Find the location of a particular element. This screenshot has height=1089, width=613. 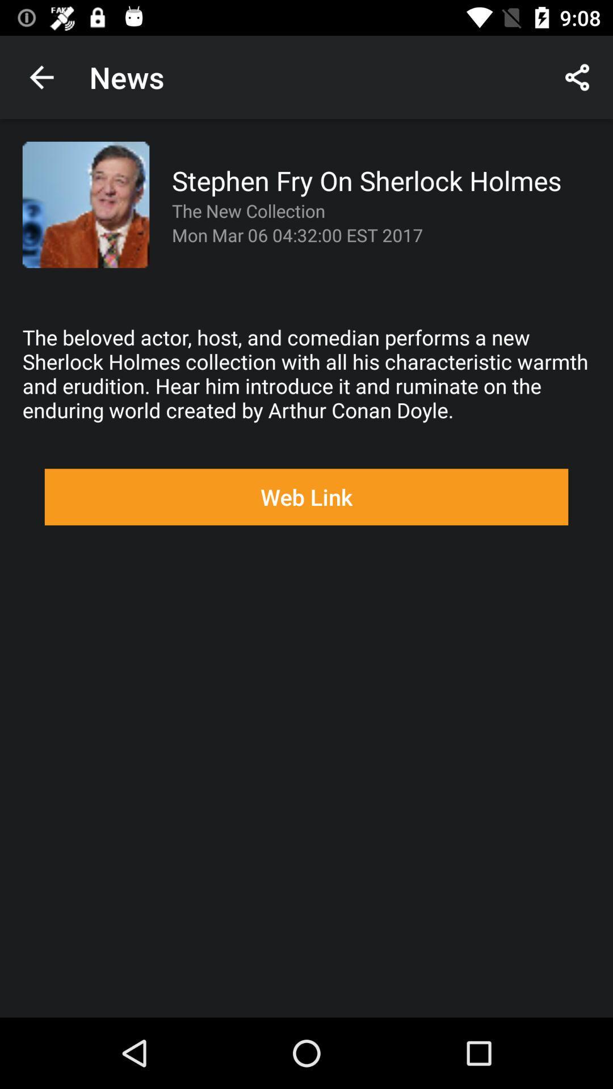

app to the left of news item is located at coordinates (41, 77).